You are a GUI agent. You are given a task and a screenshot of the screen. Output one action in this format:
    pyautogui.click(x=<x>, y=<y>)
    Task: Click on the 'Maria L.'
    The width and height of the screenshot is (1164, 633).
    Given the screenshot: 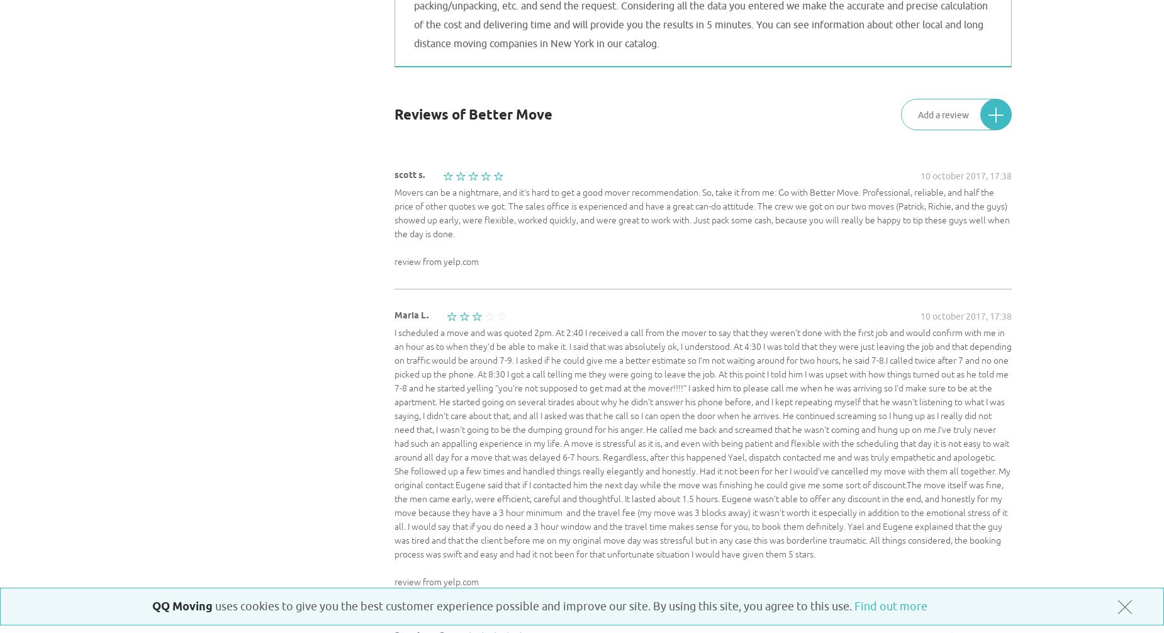 What is the action you would take?
    pyautogui.click(x=411, y=313)
    